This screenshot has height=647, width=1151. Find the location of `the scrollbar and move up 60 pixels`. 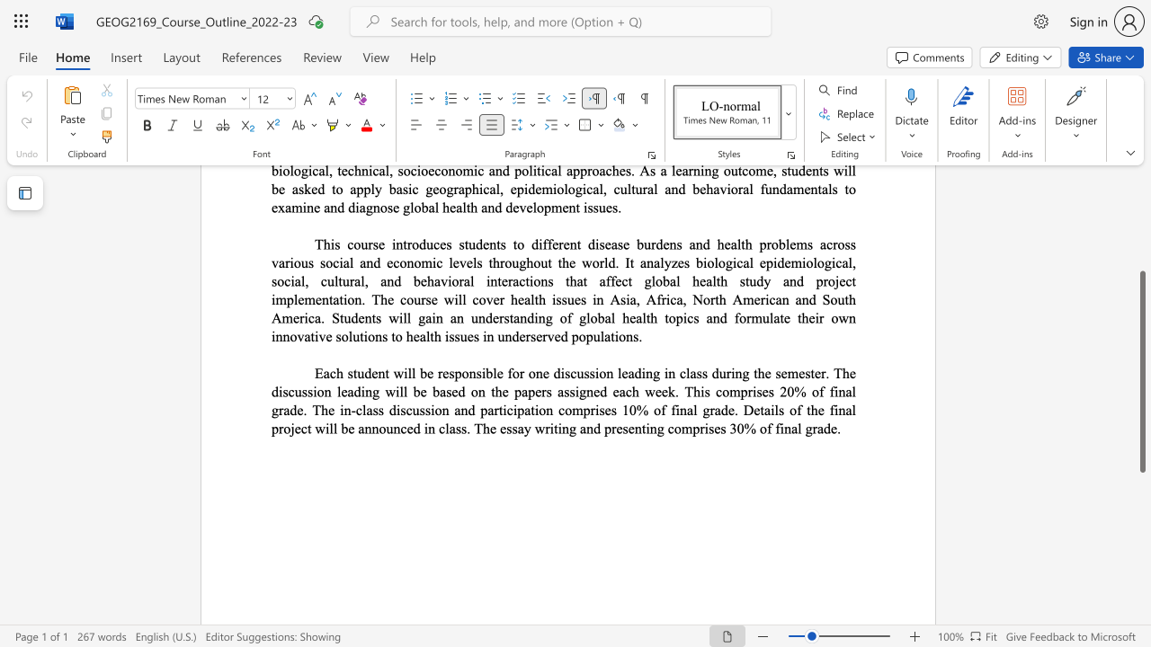

the scrollbar and move up 60 pixels is located at coordinates (1141, 370).